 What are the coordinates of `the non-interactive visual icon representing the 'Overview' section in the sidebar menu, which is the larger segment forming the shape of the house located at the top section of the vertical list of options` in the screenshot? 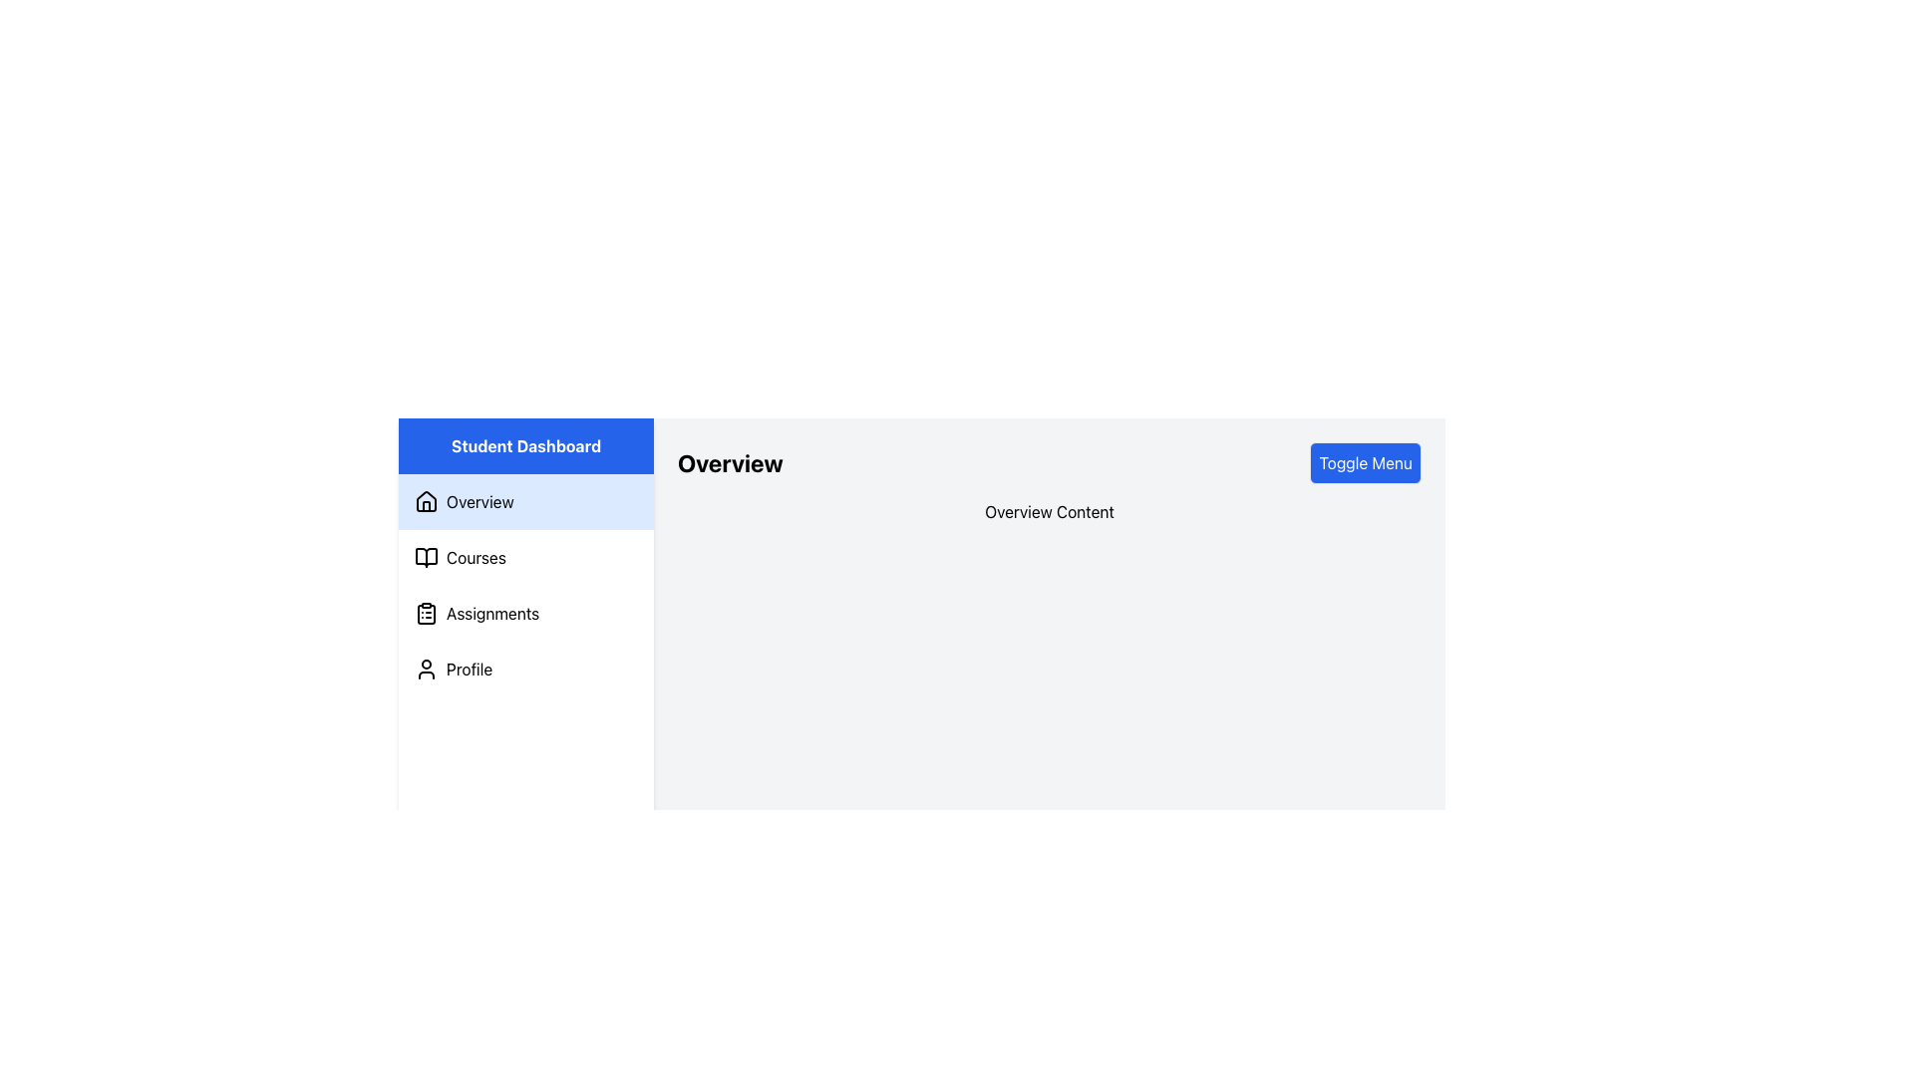 It's located at (425, 499).